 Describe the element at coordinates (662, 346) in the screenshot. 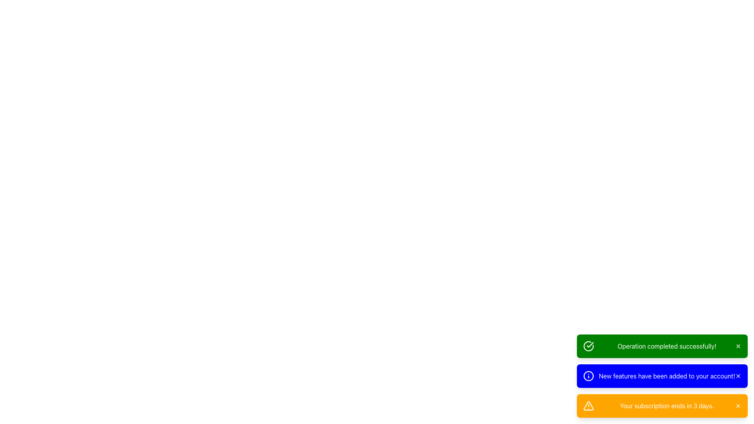

I see `the green notification panel that contains the message 'Operation completed successfully!'` at that location.